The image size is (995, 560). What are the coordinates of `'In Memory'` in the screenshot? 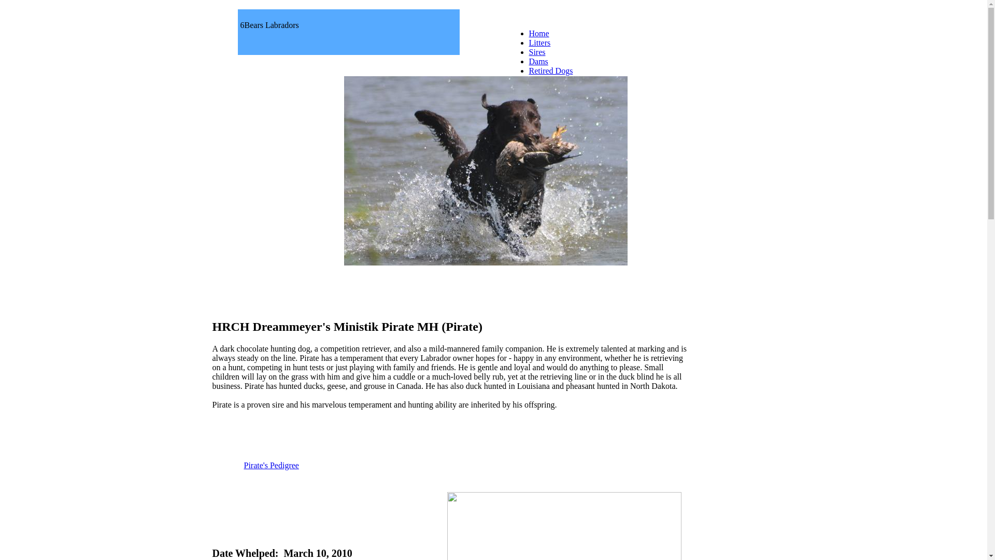 It's located at (547, 79).